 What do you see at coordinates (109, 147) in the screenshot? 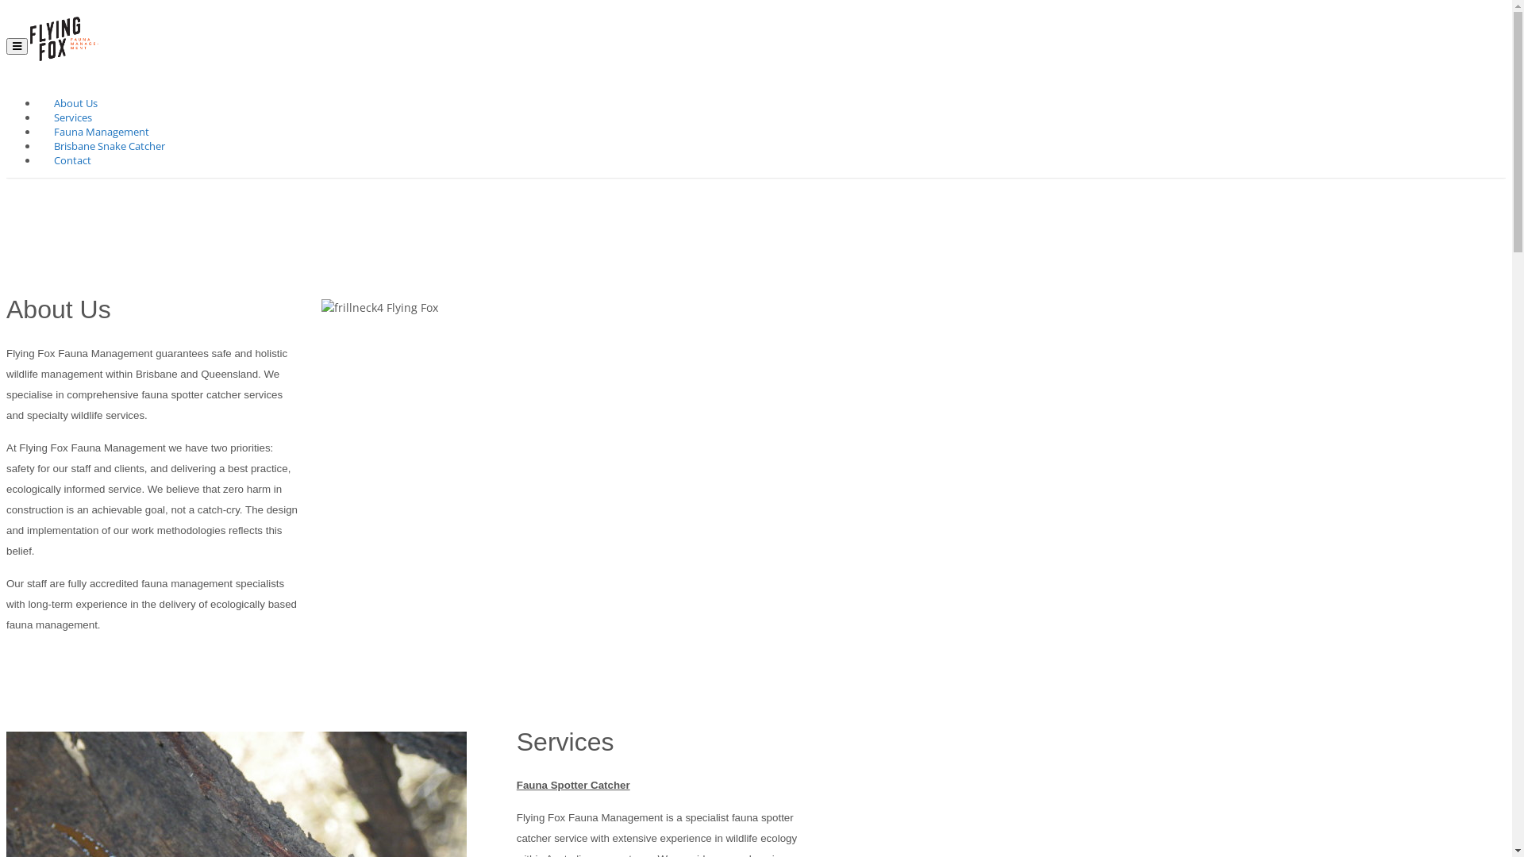
I see `'Brisbane Snake Catcher'` at bounding box center [109, 147].